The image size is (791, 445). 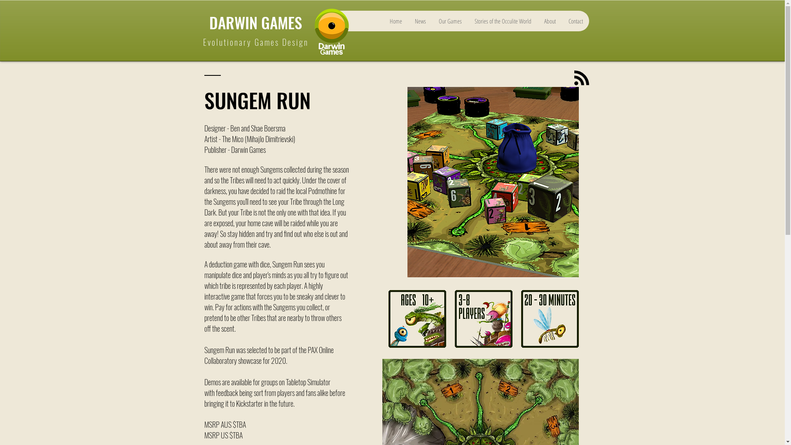 I want to click on 'Evolutionary Games Design', so click(x=255, y=42).